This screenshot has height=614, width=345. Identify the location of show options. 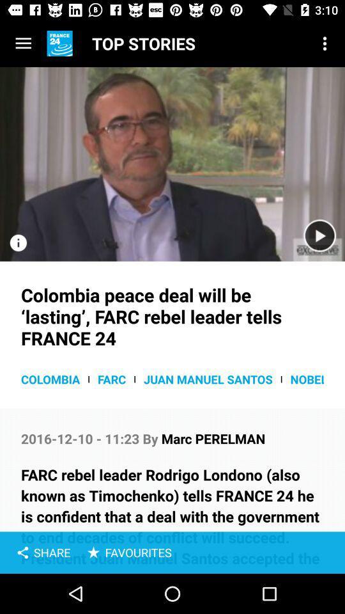
(23, 43).